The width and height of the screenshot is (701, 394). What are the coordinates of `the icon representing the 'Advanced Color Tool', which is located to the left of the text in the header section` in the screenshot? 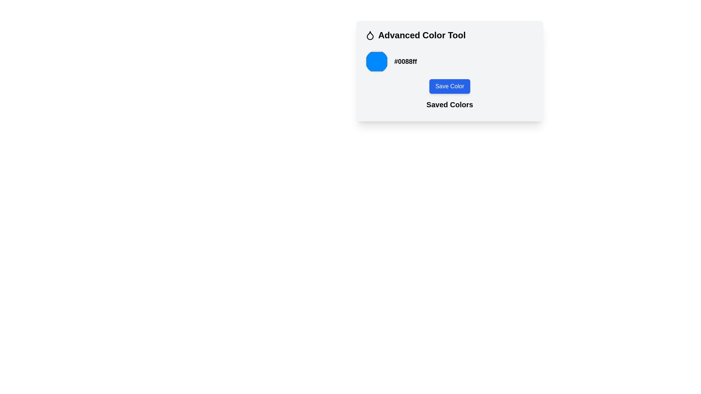 It's located at (370, 35).